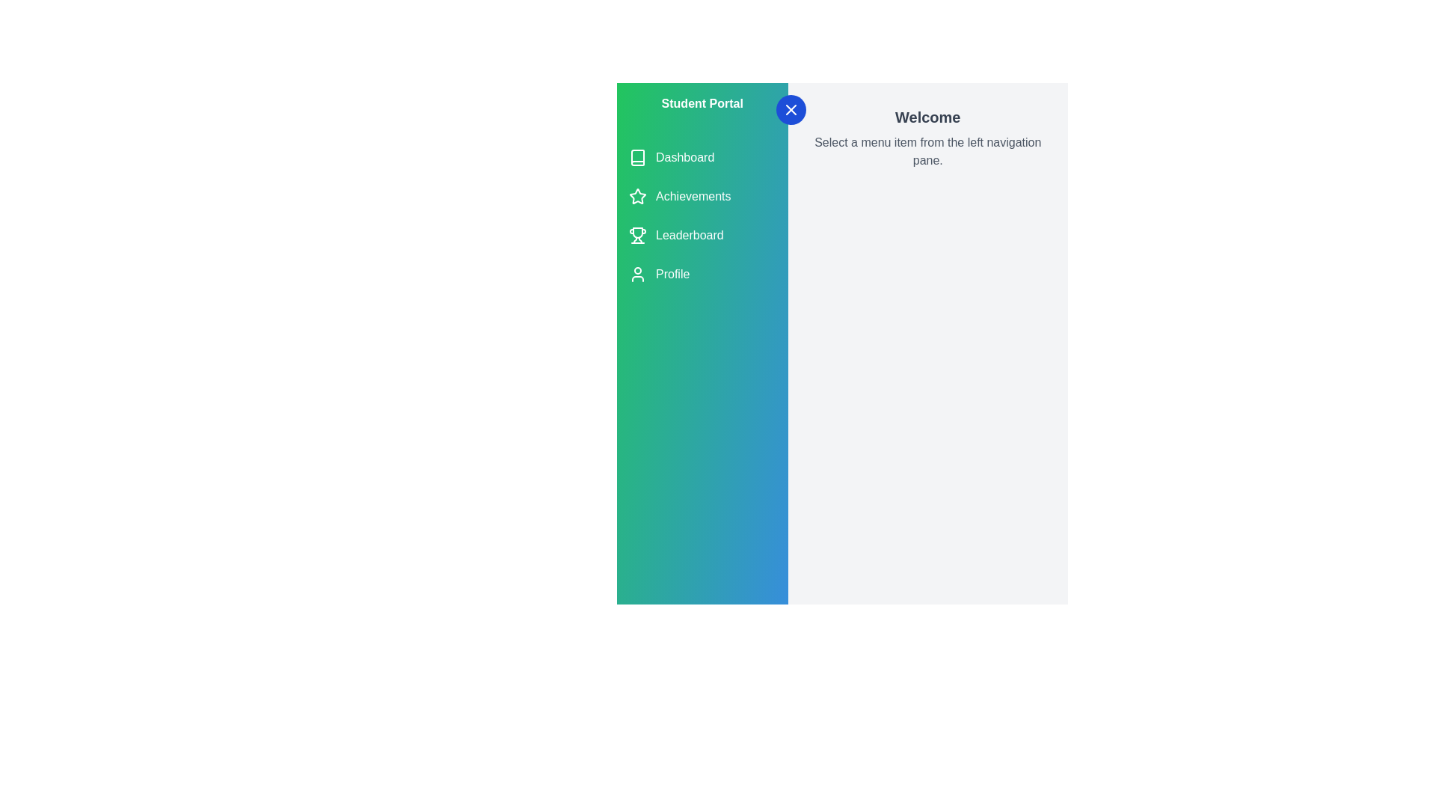  I want to click on the menu item Dashboard from the navigation list, so click(702, 158).